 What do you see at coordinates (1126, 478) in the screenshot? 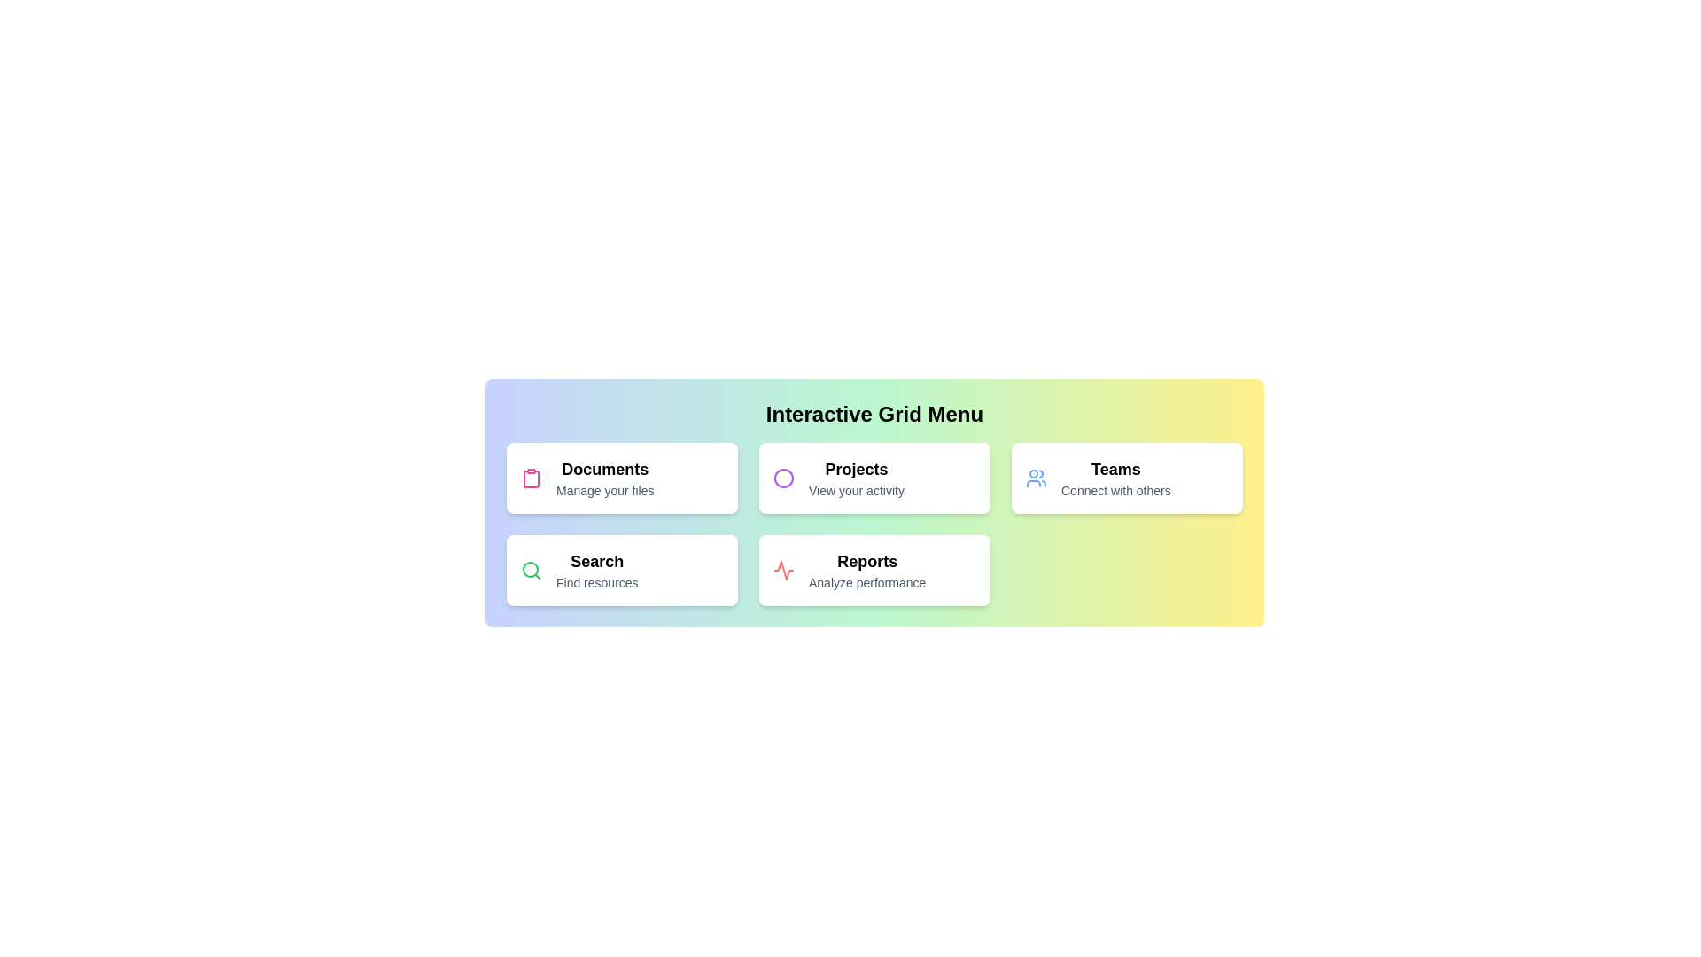
I see `the grid item labeled Teams to observe the hover effect` at bounding box center [1126, 478].